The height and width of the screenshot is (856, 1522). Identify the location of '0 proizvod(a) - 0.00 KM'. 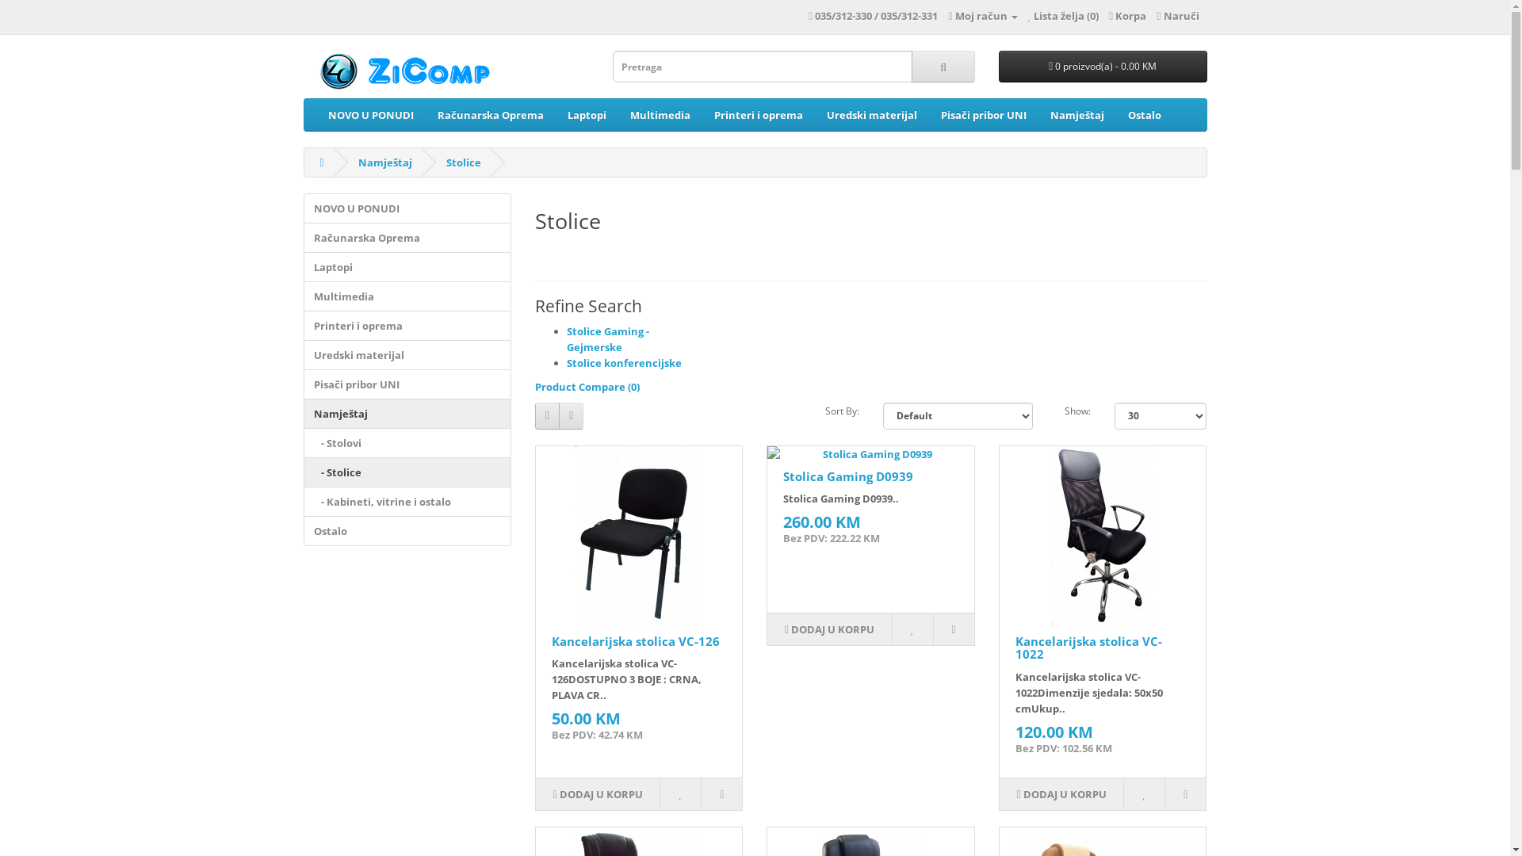
(1102, 66).